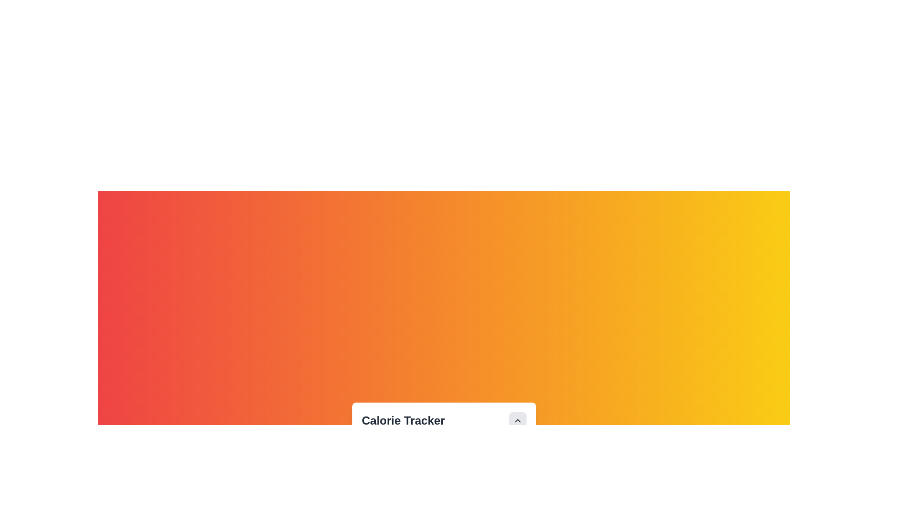 Image resolution: width=919 pixels, height=517 pixels. I want to click on the minimize icon located at the bottom-right of the main interface, next to the 'Calorie Tracker' text, so click(517, 420).